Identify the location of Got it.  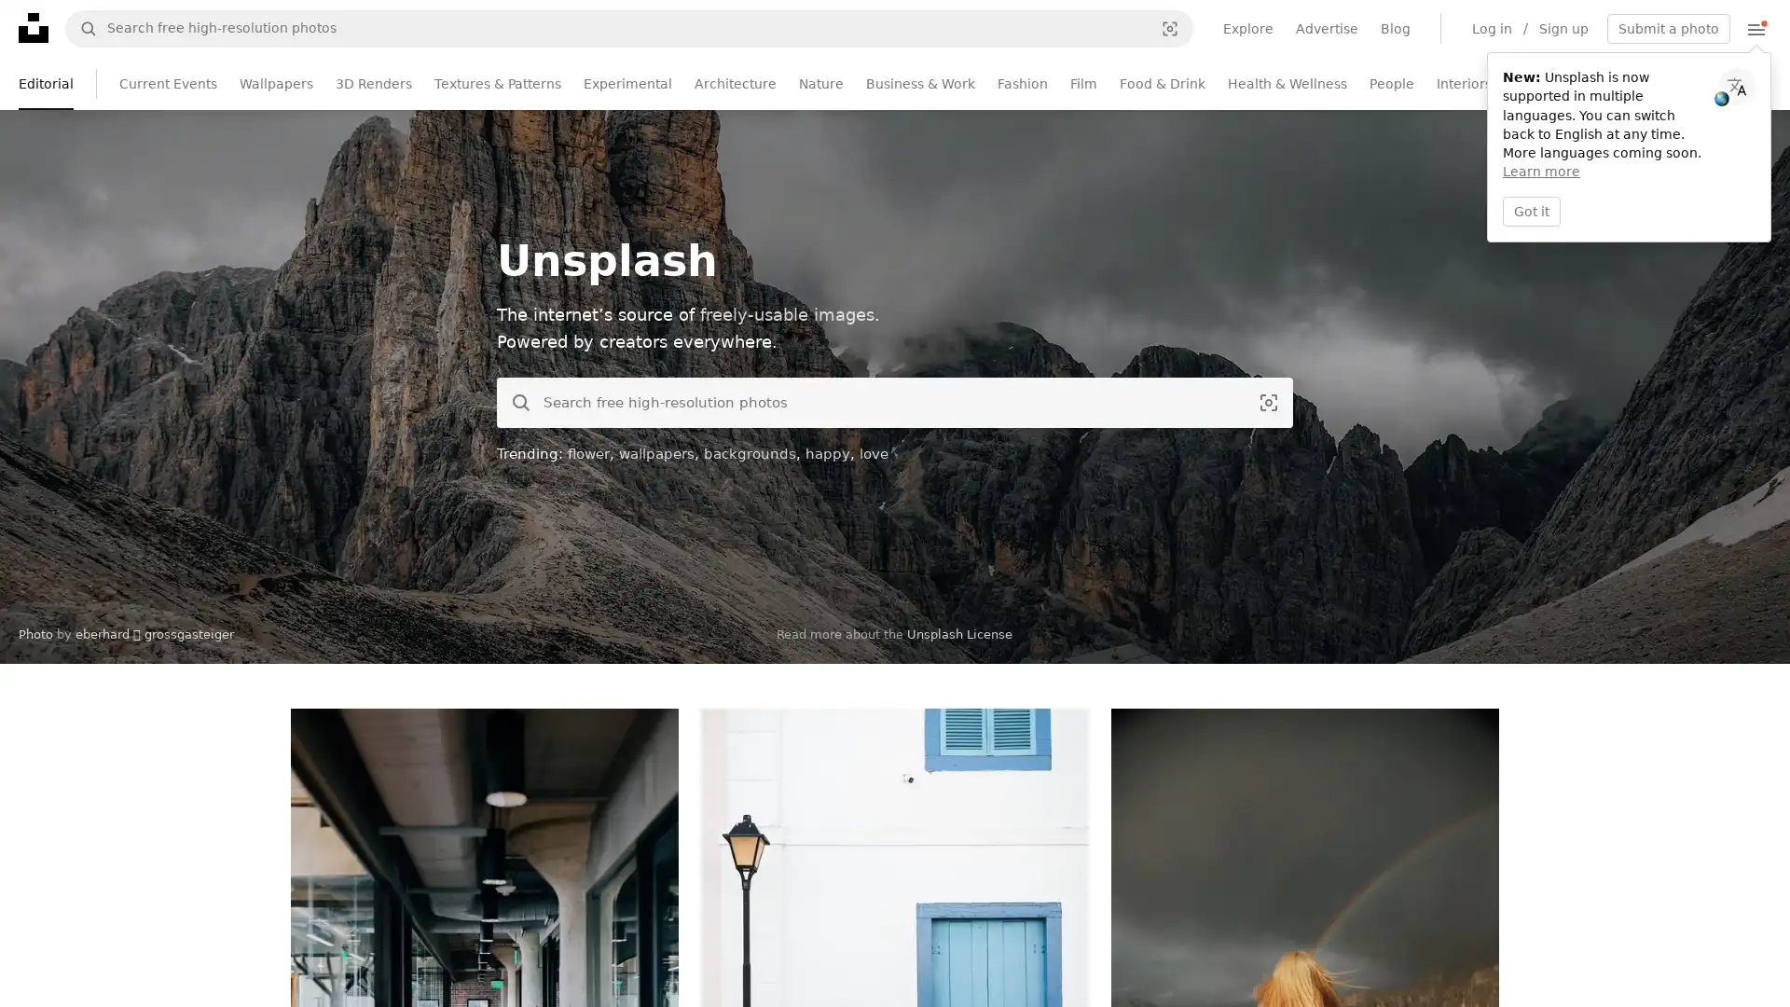
(1531, 210).